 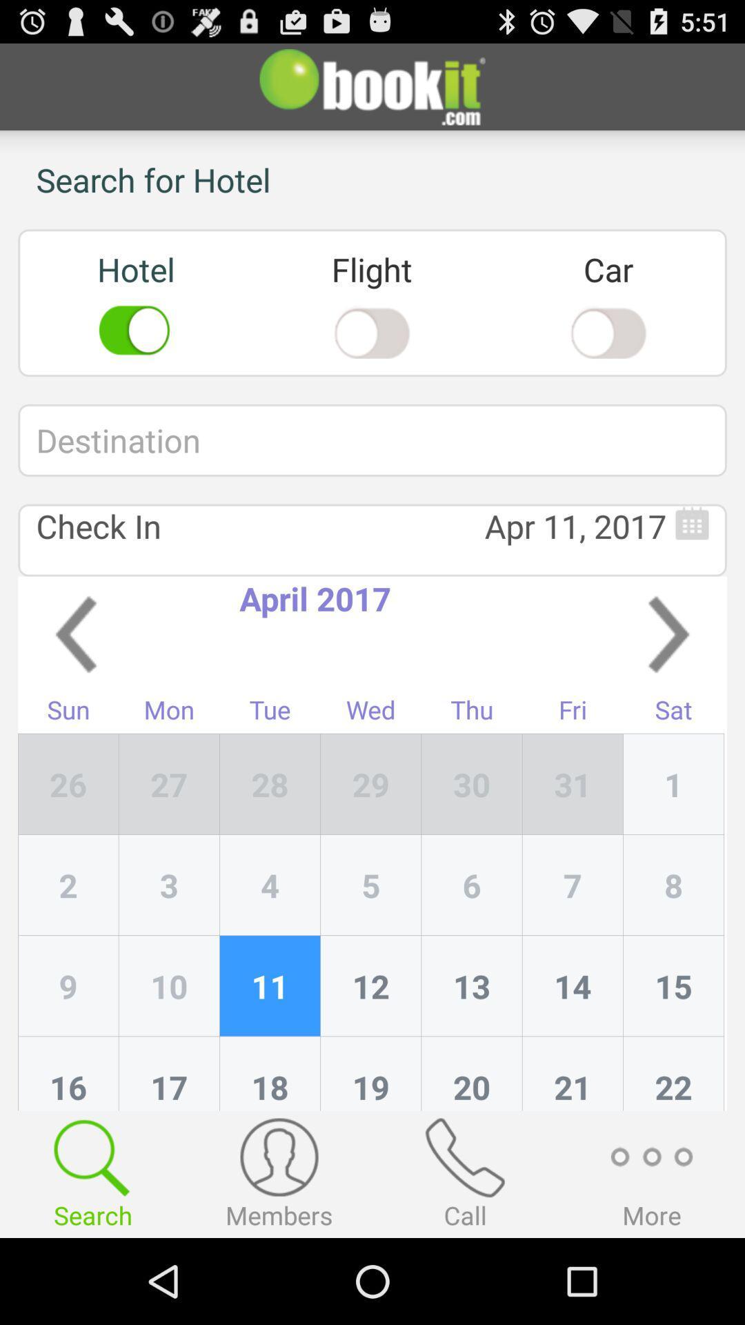 What do you see at coordinates (471, 985) in the screenshot?
I see `the icon next to 7` at bounding box center [471, 985].